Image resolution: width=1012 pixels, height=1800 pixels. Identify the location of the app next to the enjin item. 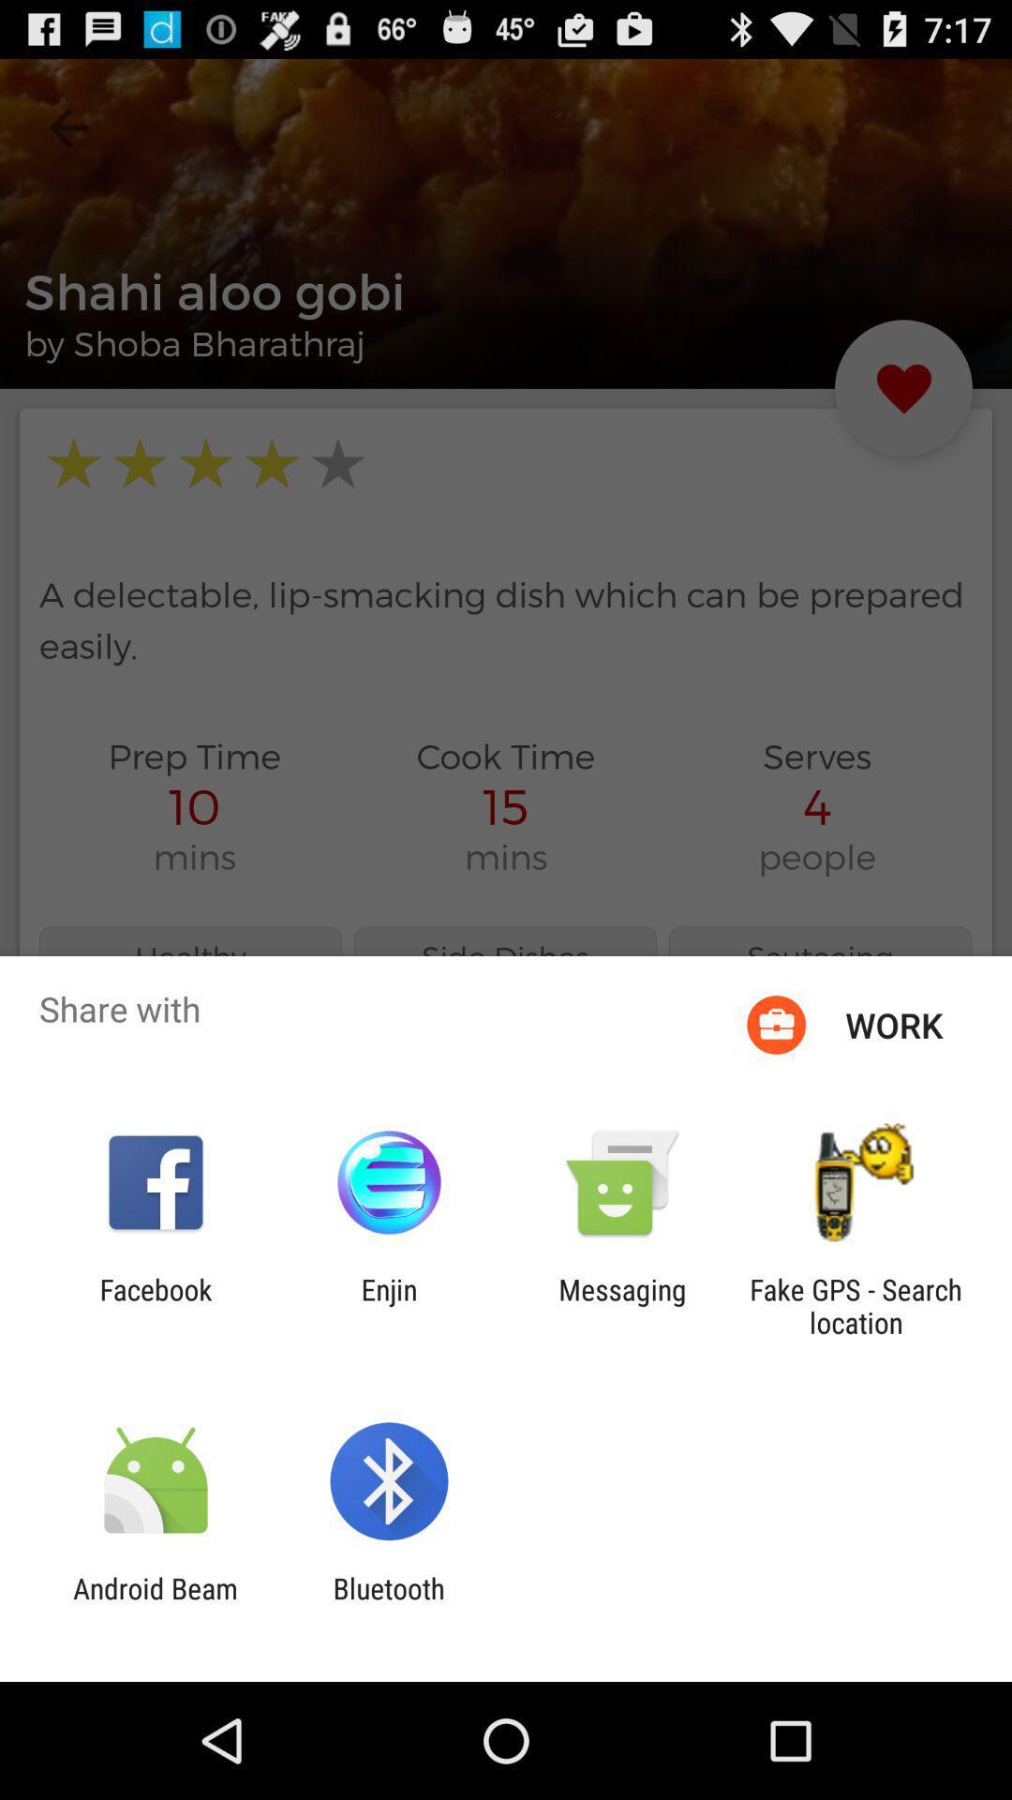
(622, 1305).